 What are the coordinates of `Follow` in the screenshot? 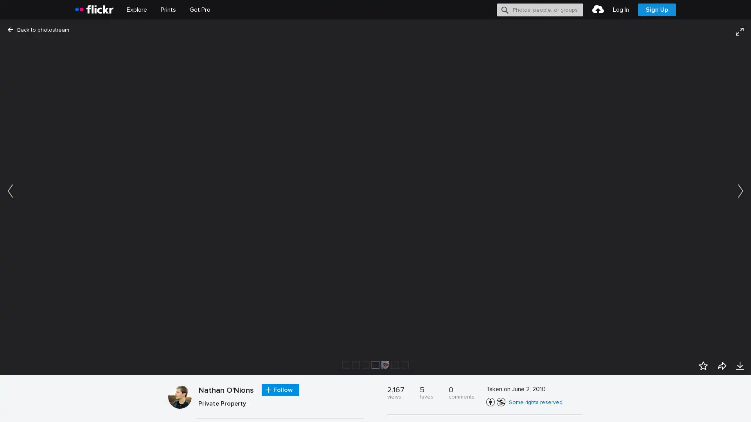 It's located at (280, 390).